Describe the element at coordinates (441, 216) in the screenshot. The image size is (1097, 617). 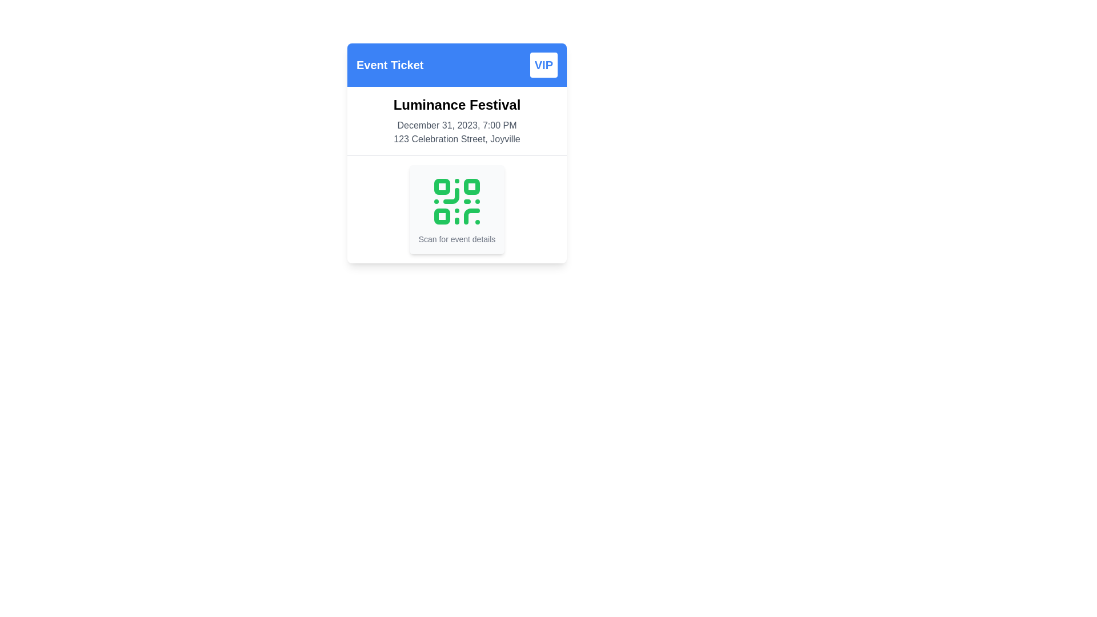
I see `the third square in the bottom-left section of the green-and-white QR code graphic on the event ticket card` at that location.